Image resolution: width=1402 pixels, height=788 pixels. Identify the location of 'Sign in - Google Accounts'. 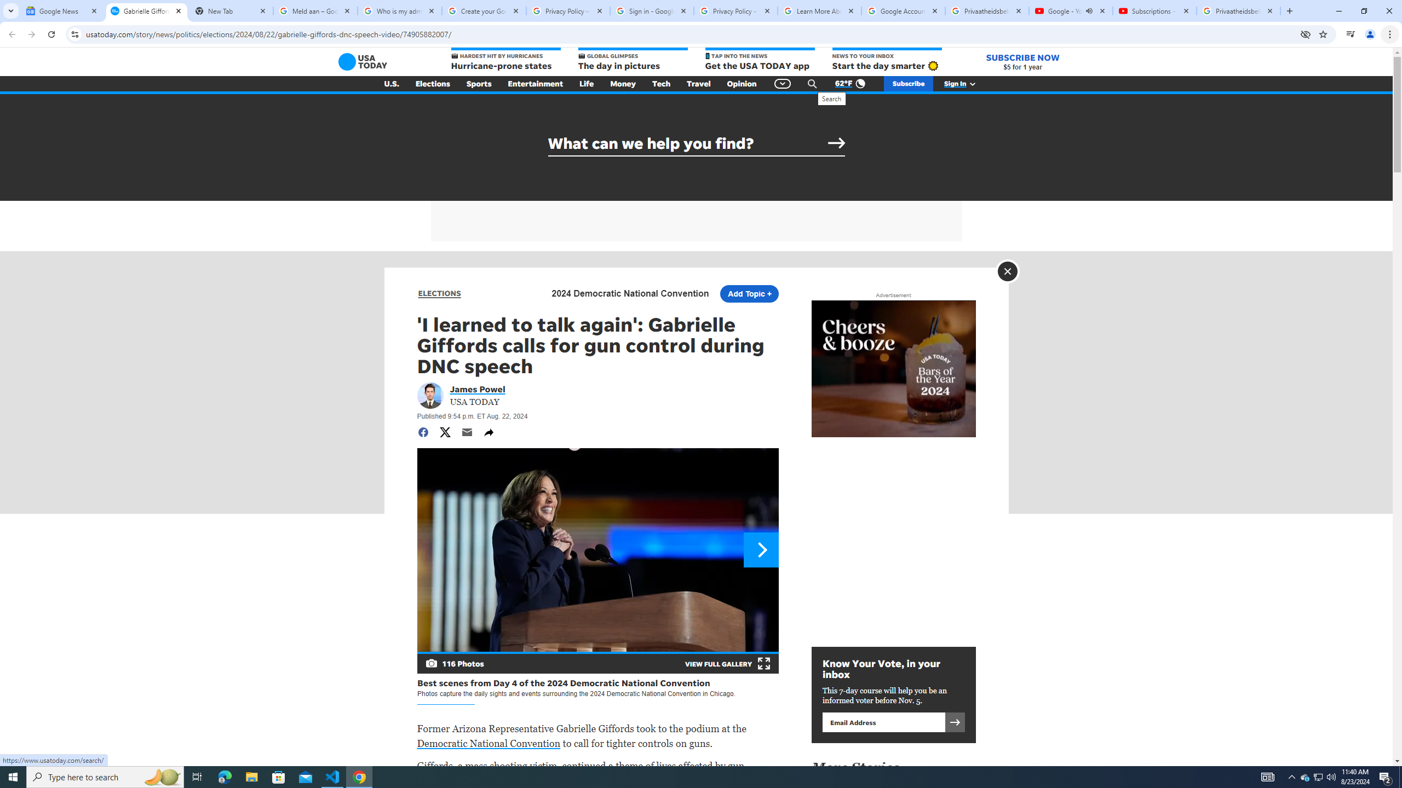
(652, 10).